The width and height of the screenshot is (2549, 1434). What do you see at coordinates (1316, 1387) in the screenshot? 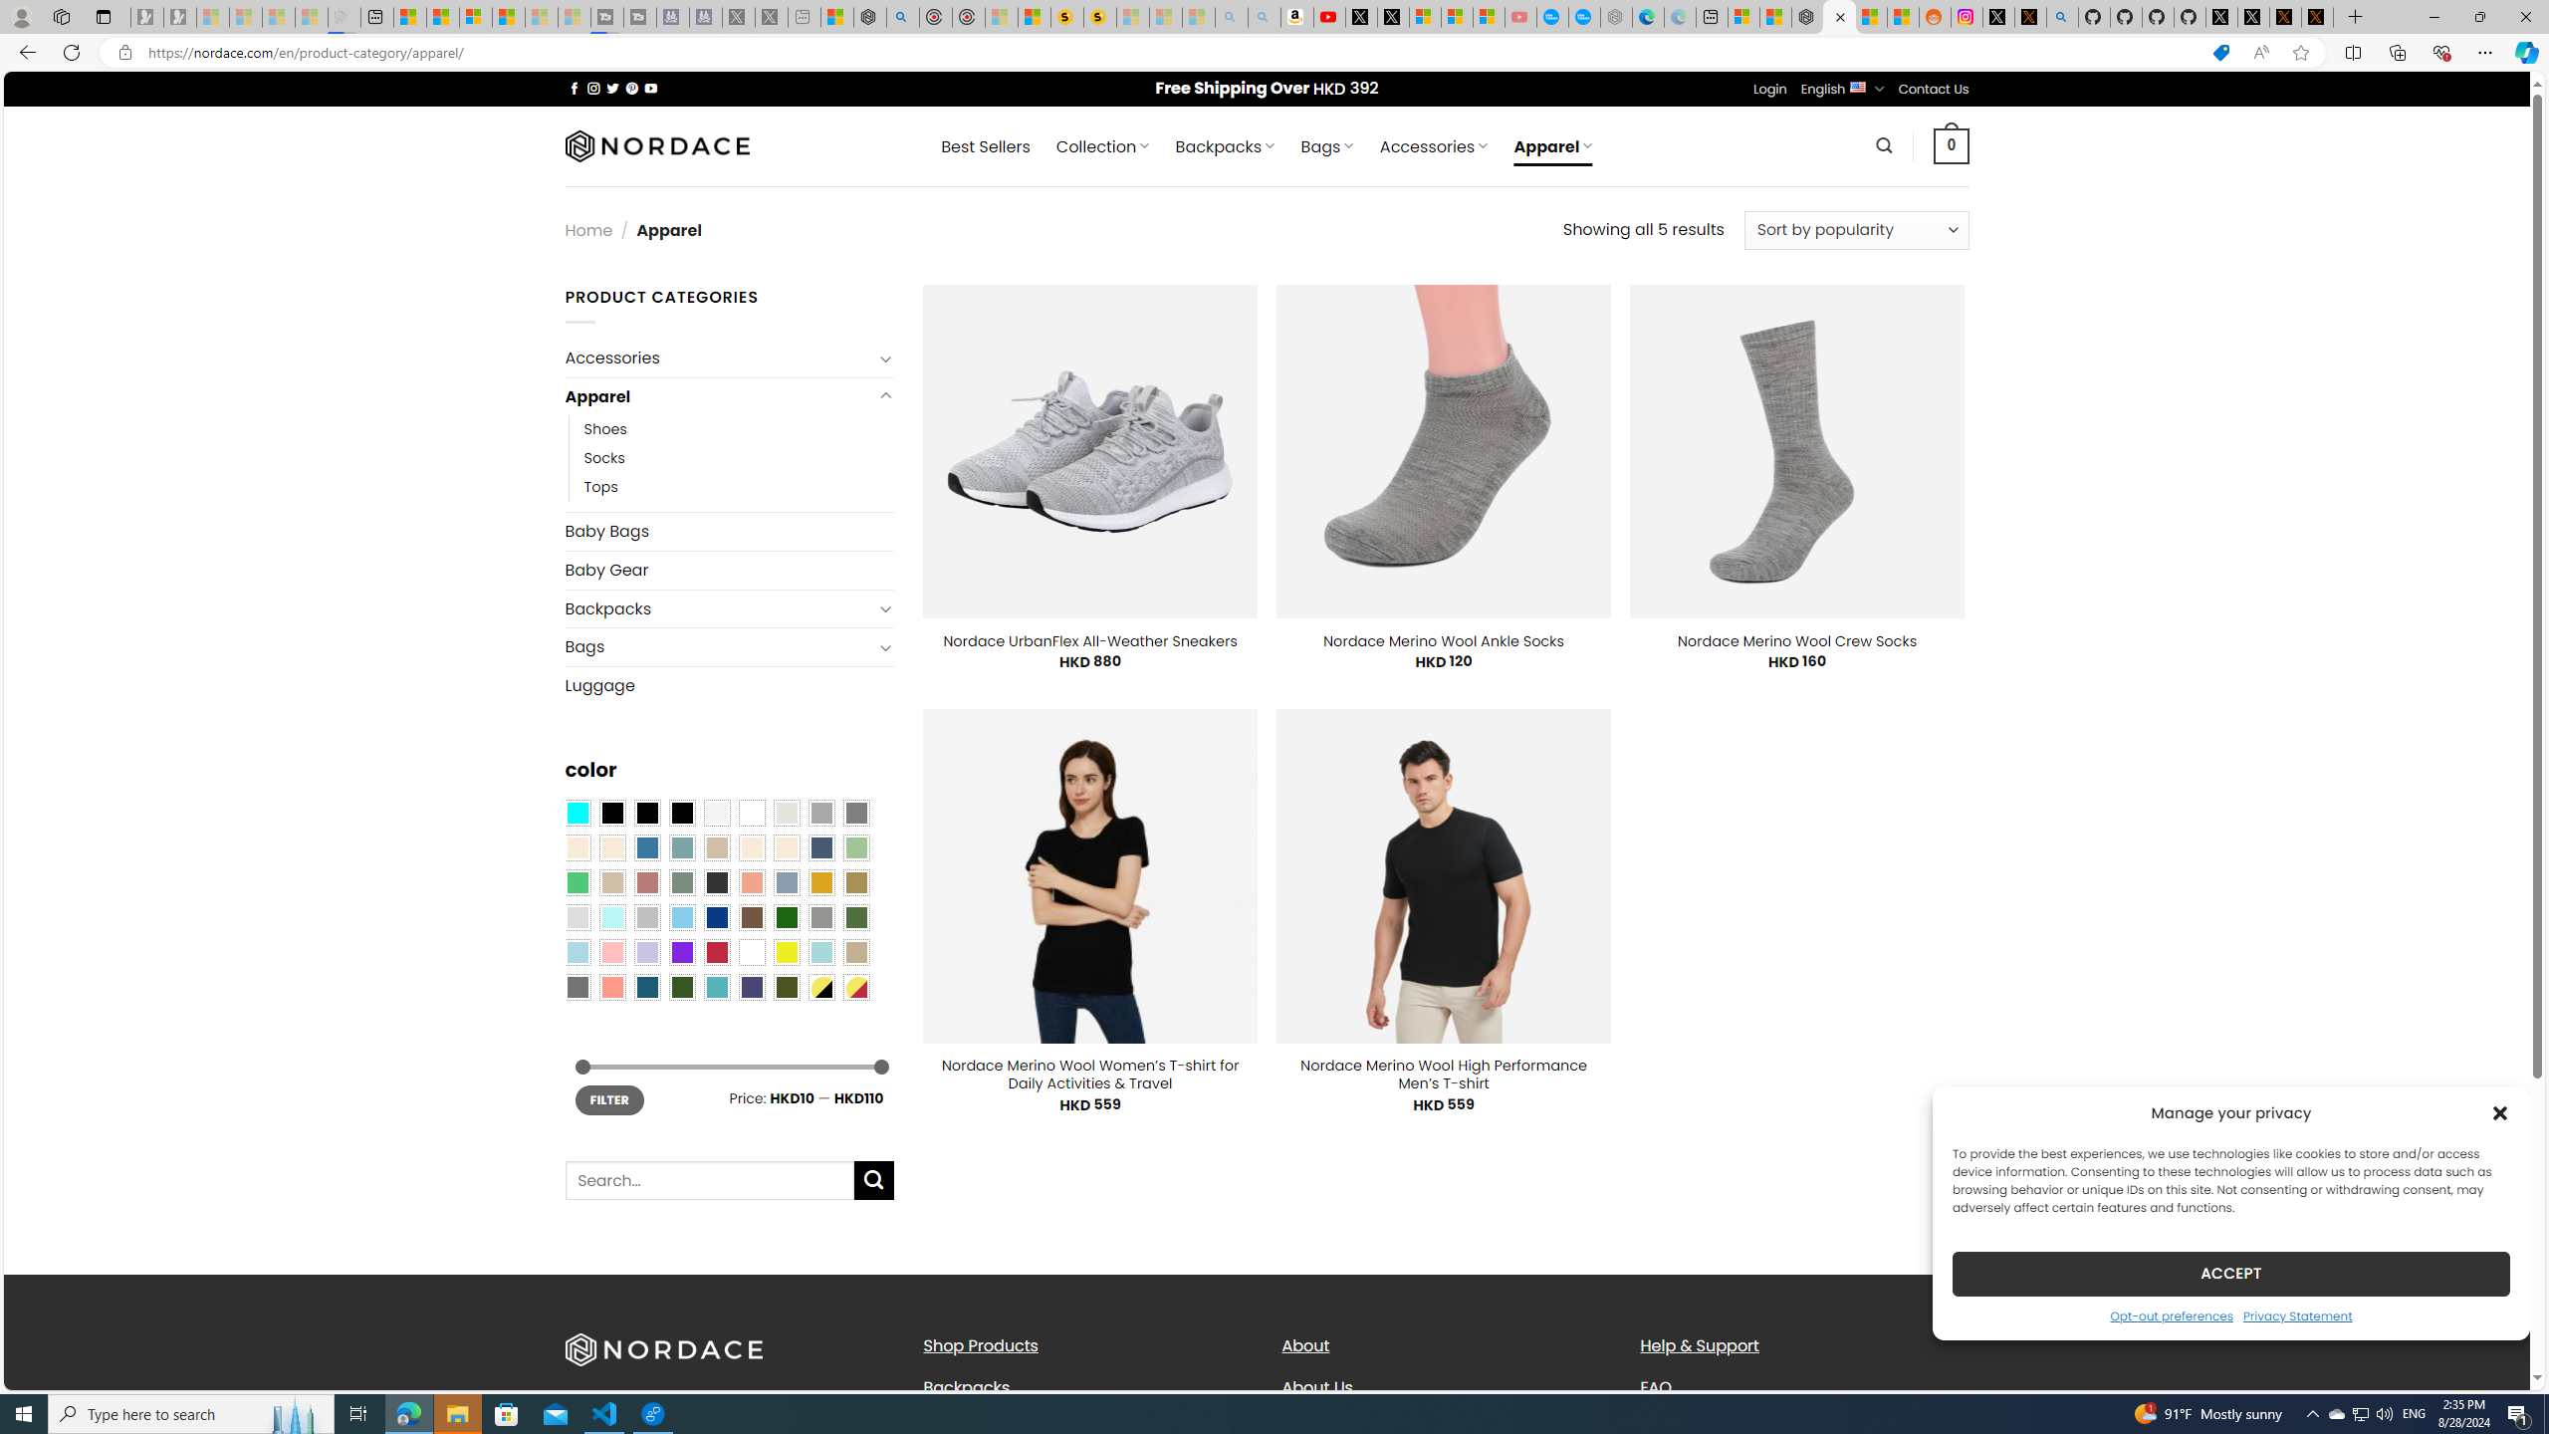
I see `'About Us'` at bounding box center [1316, 1387].